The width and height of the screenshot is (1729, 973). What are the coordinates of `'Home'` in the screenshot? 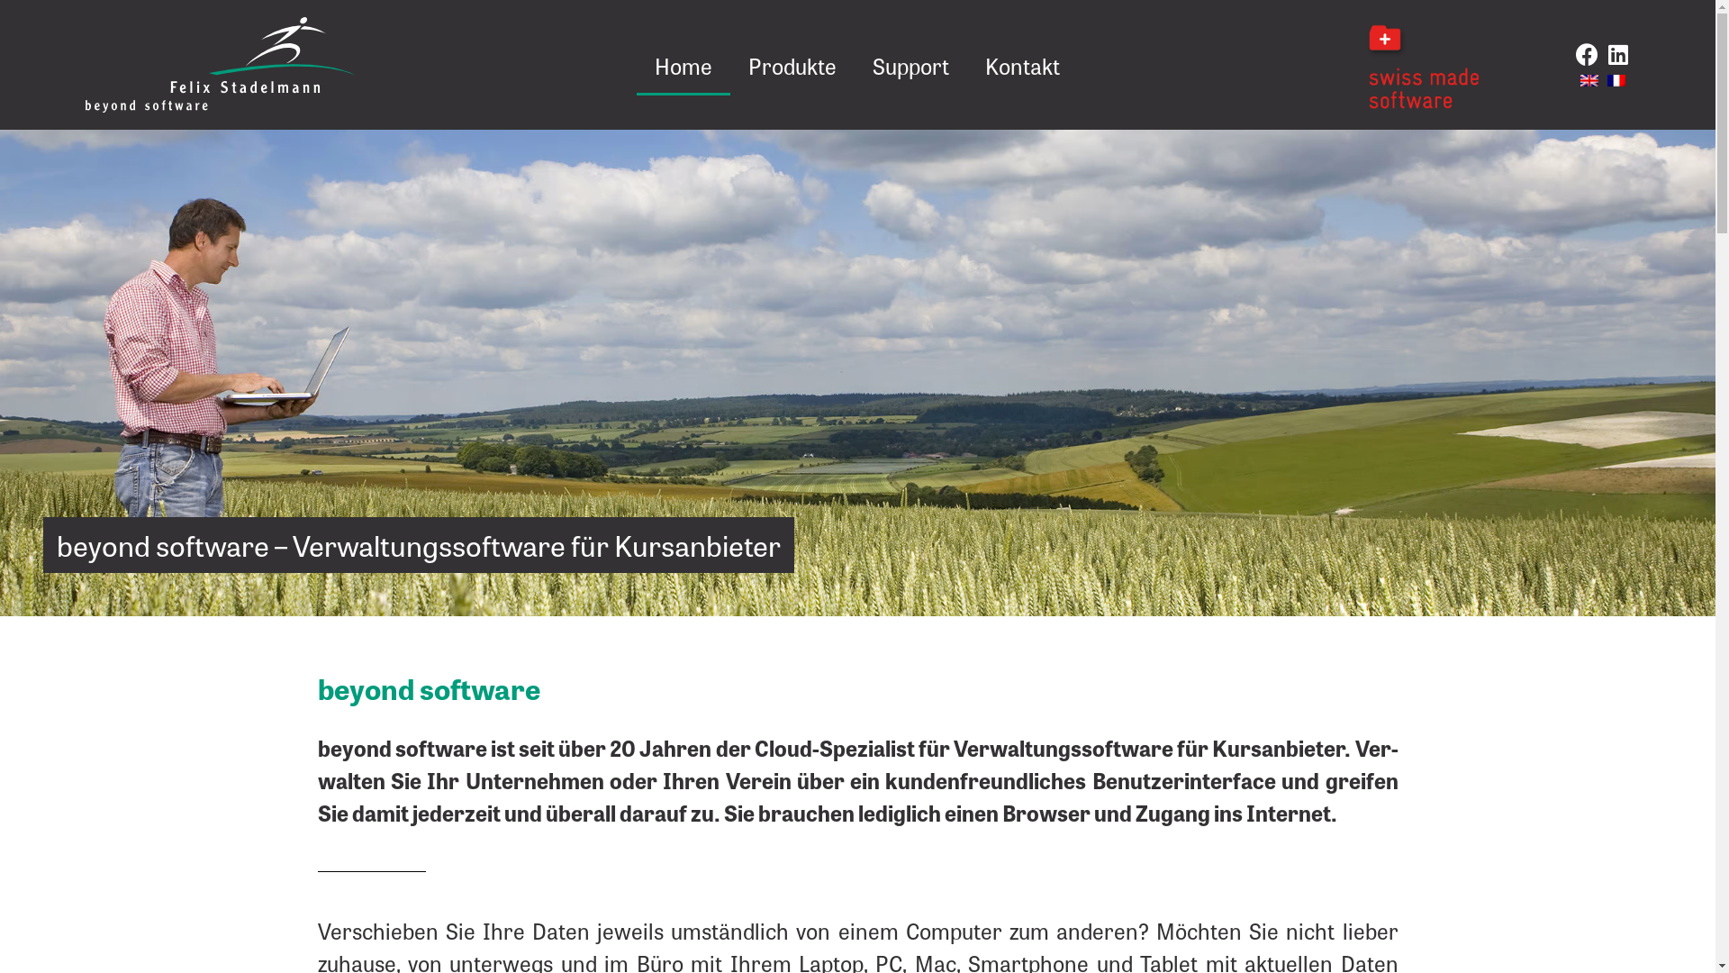 It's located at (636, 64).